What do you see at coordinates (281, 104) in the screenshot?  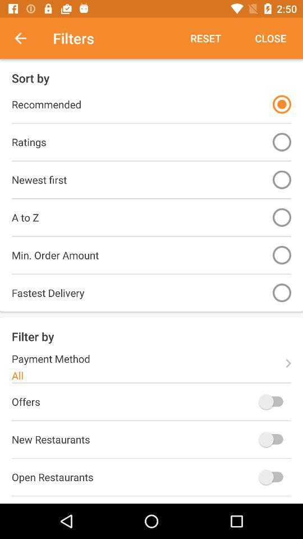 I see `filter on/off toggle` at bounding box center [281, 104].